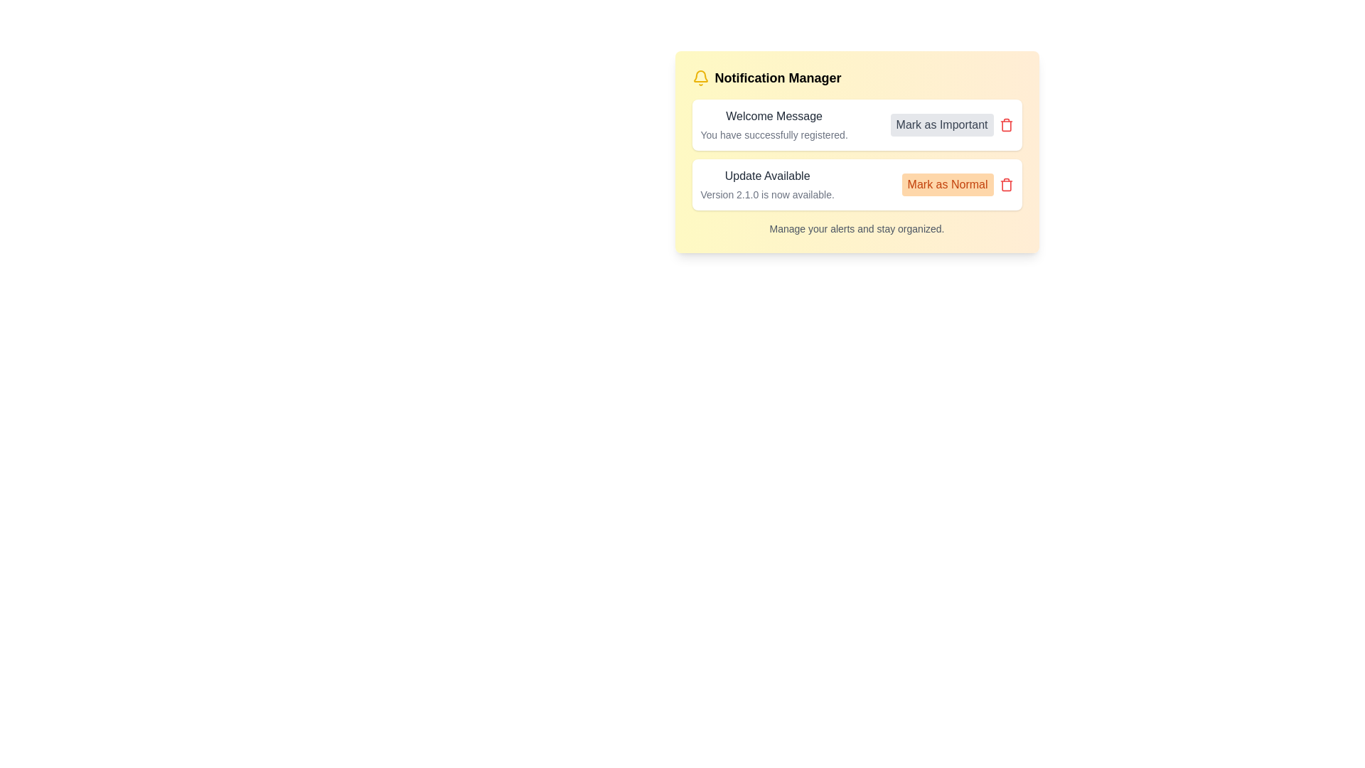 The width and height of the screenshot is (1365, 768). I want to click on the informational text block titled 'Update Available', which contains the subtext 'Version 2.1.0 is now available.', so click(766, 183).